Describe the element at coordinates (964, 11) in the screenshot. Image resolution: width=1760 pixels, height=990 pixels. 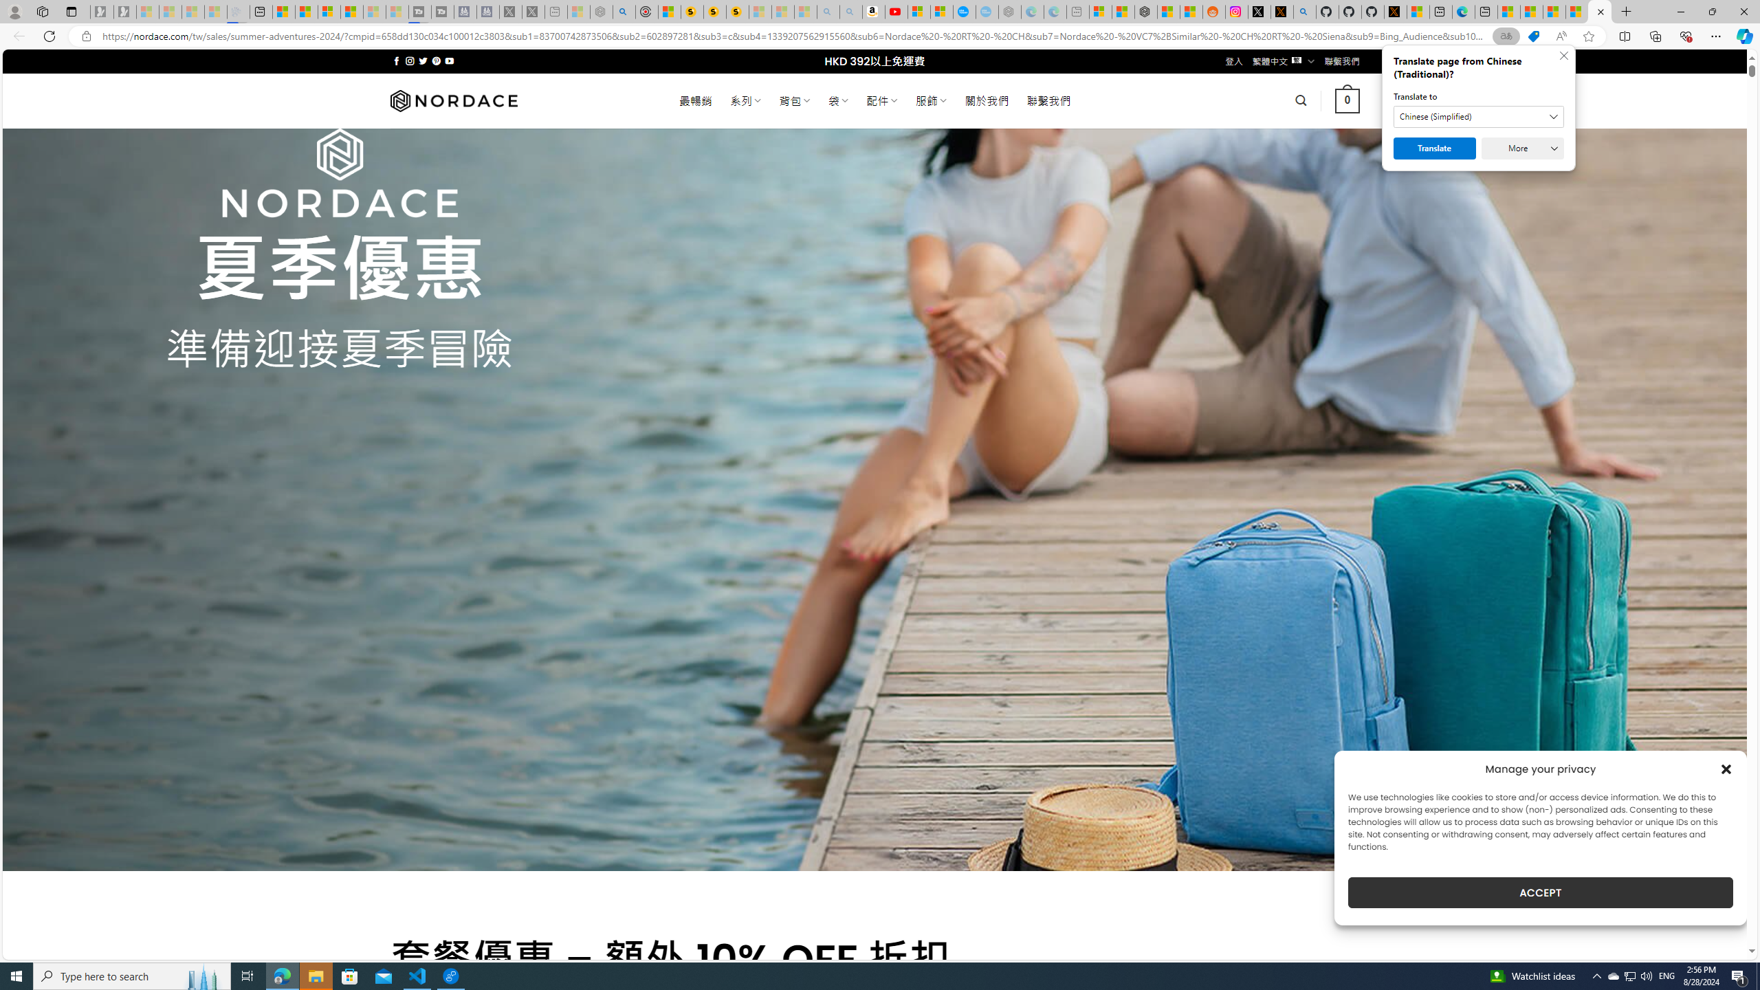
I see `'Opinion: Op-Ed and Commentary - USA TODAY'` at that location.